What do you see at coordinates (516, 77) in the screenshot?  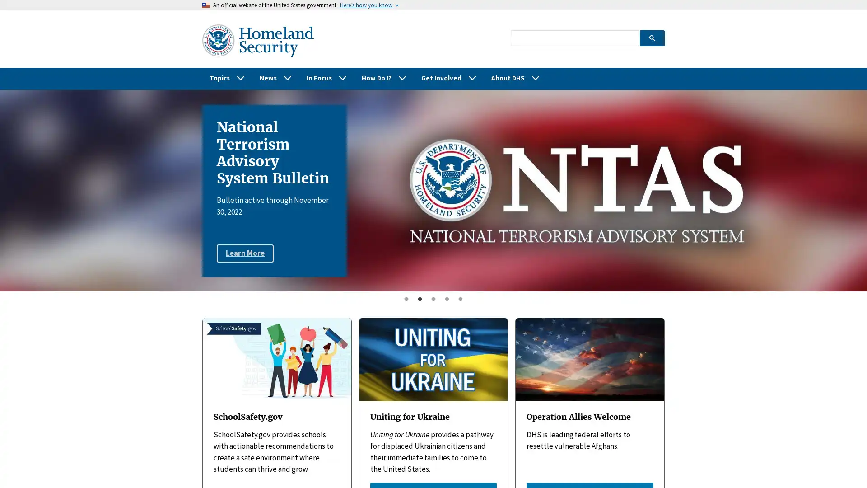 I see `About DHS` at bounding box center [516, 77].